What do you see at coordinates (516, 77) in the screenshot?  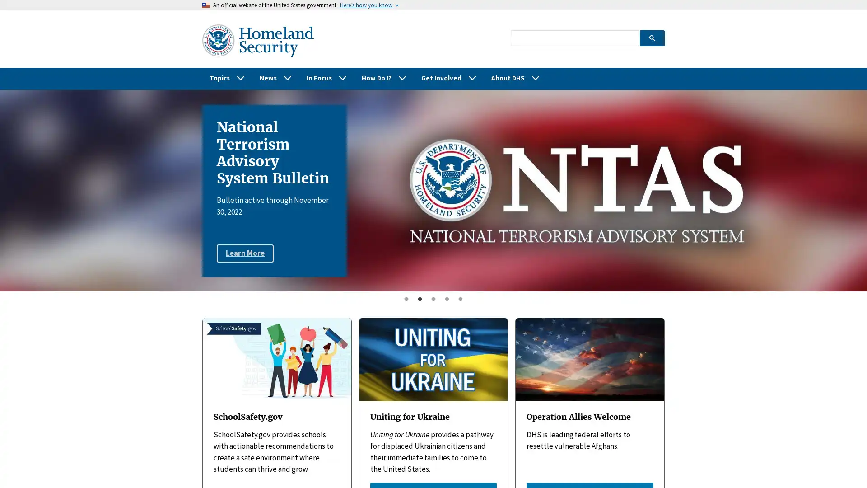 I see `About DHS` at bounding box center [516, 77].